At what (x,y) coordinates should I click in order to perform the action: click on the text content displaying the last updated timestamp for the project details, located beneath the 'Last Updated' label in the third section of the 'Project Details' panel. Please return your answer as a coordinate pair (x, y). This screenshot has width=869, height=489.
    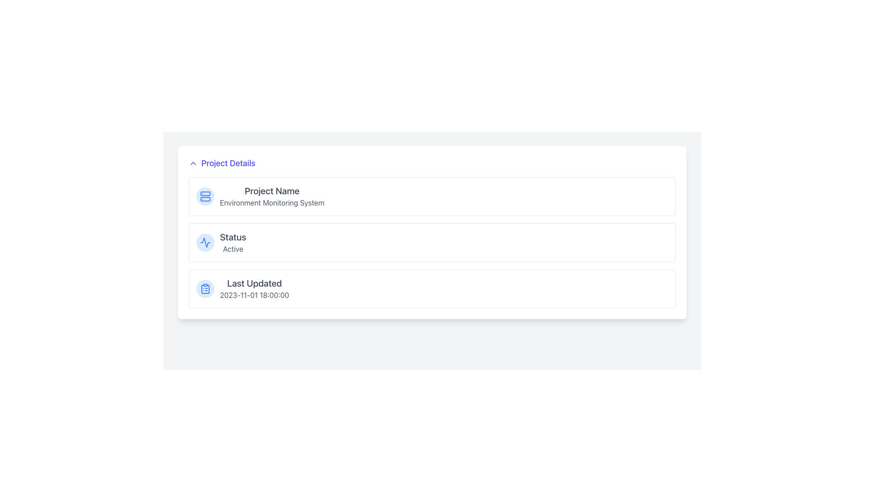
    Looking at the image, I should click on (254, 295).